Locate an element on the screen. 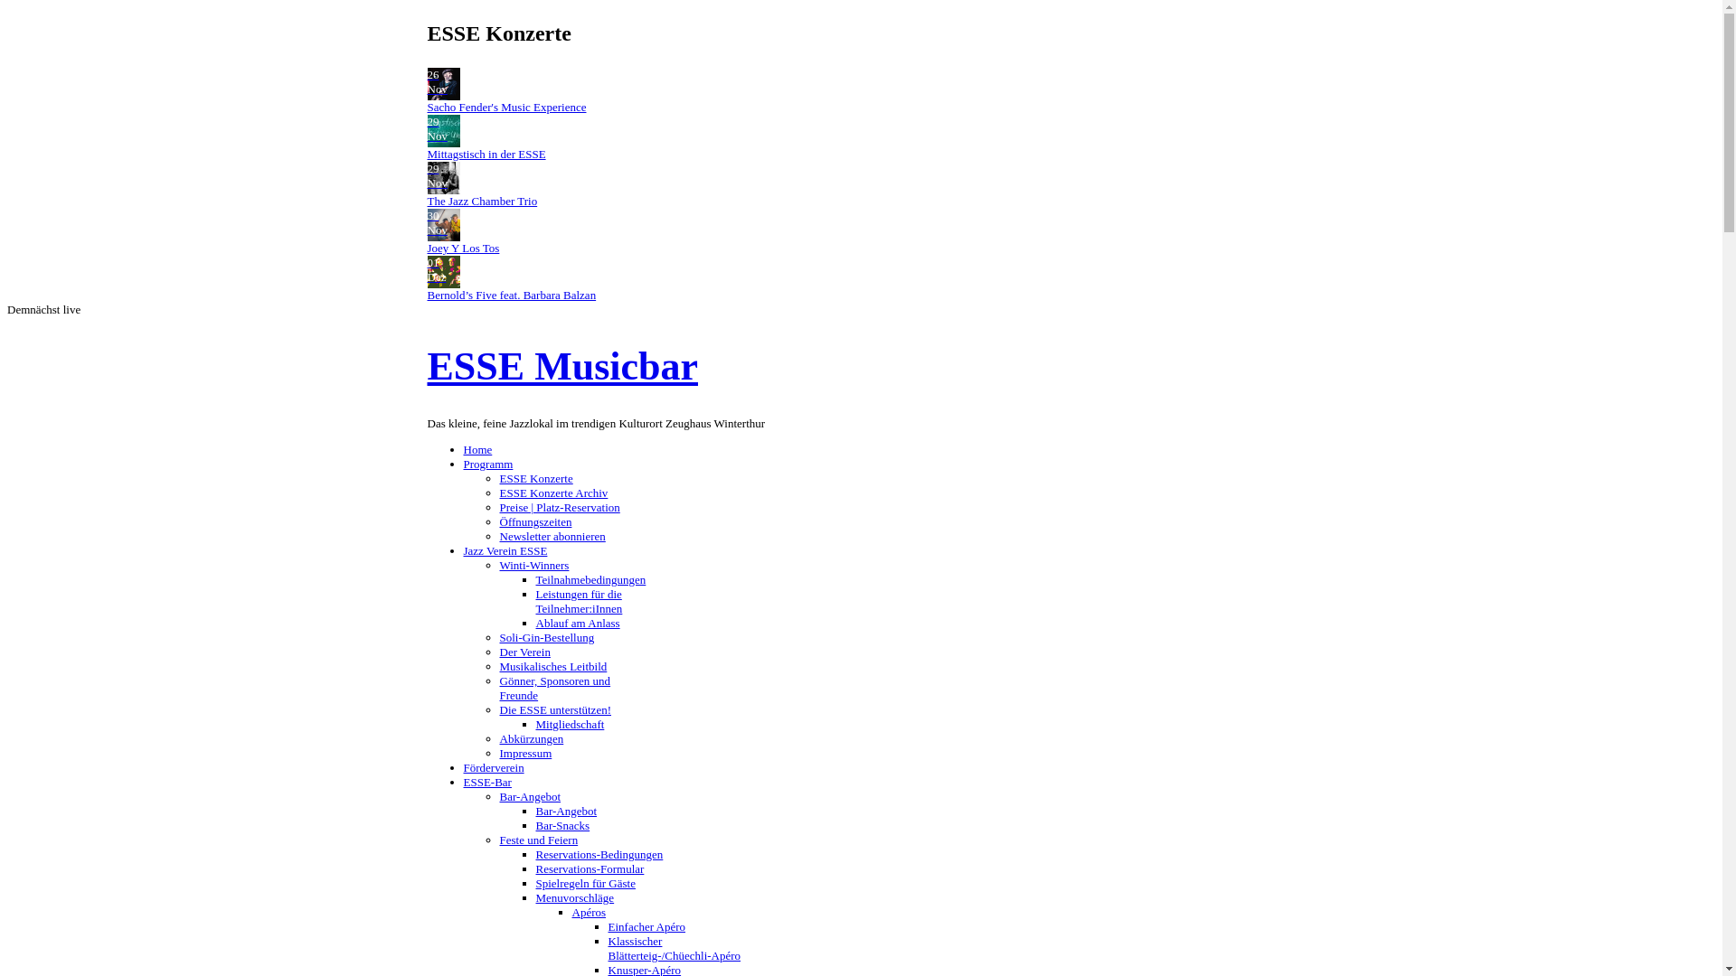  'Programm' is located at coordinates (487, 463).